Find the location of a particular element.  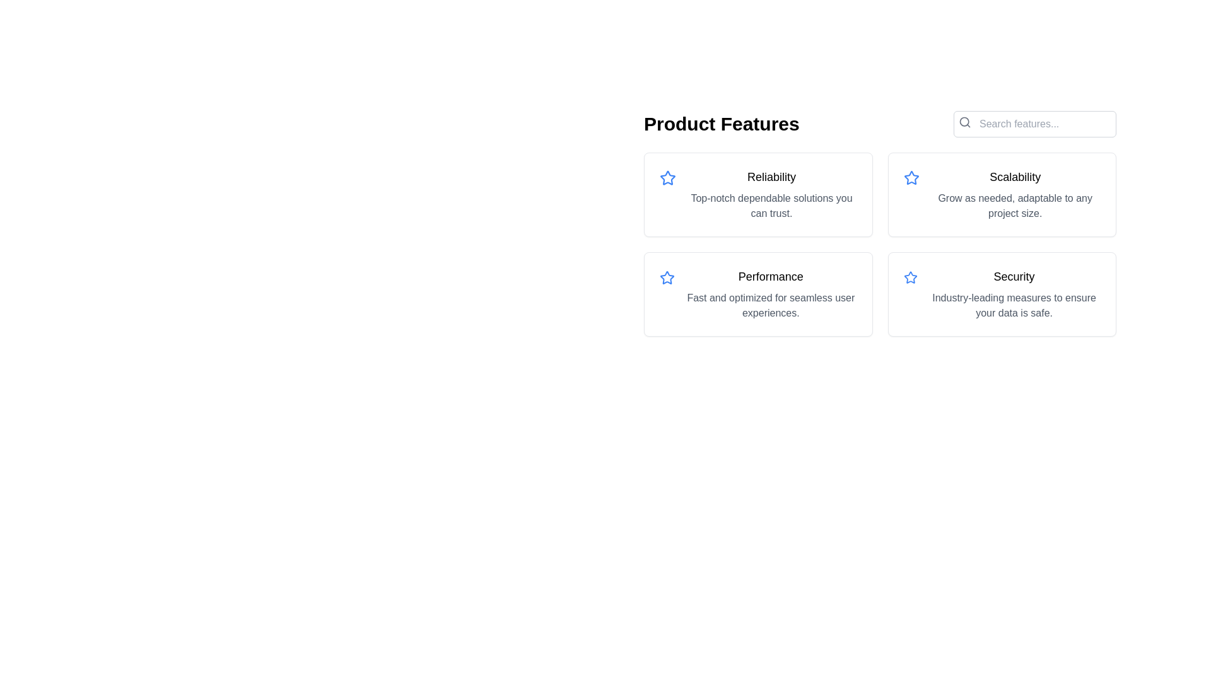

the text label displaying 'Scalability' which is positioned at the top-right of the card component is located at coordinates (1015, 177).